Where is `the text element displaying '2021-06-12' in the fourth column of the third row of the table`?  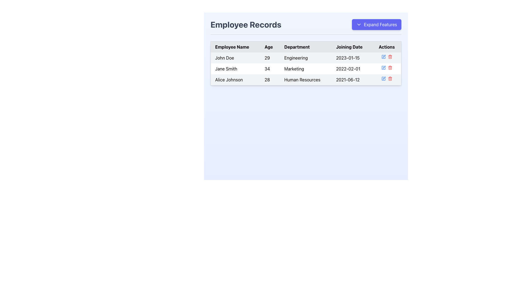 the text element displaying '2021-06-12' in the fourth column of the third row of the table is located at coordinates (352, 80).